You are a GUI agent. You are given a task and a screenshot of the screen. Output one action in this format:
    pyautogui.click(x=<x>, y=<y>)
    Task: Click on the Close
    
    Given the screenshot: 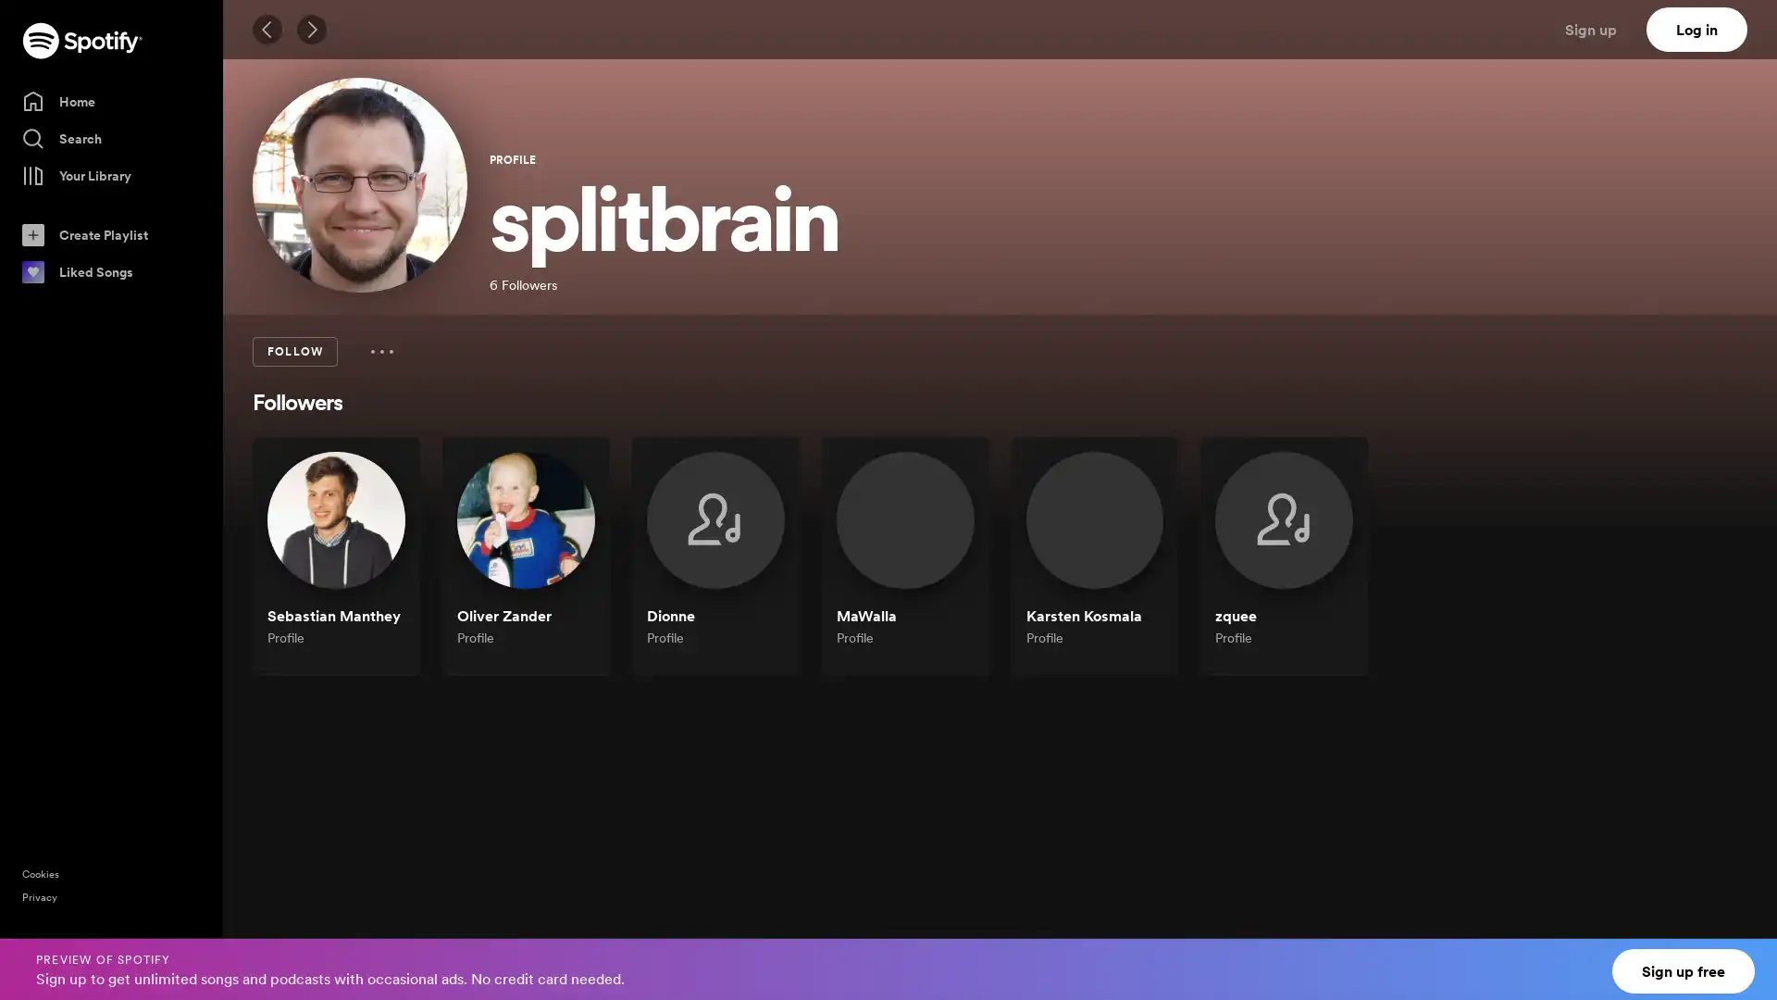 What is the action you would take?
    pyautogui.click(x=1746, y=957)
    